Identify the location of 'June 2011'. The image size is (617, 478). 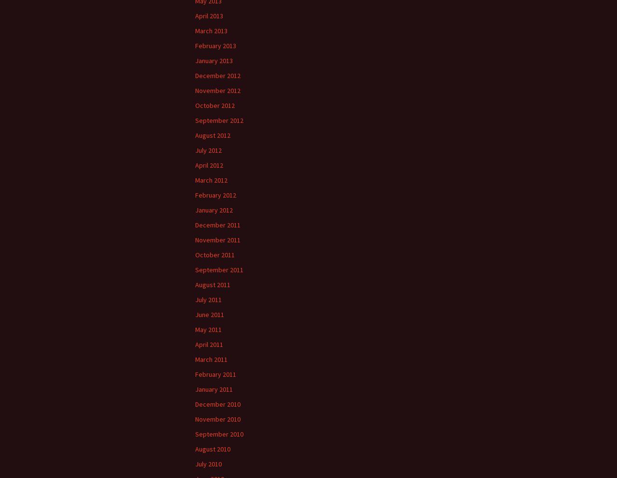
(194, 315).